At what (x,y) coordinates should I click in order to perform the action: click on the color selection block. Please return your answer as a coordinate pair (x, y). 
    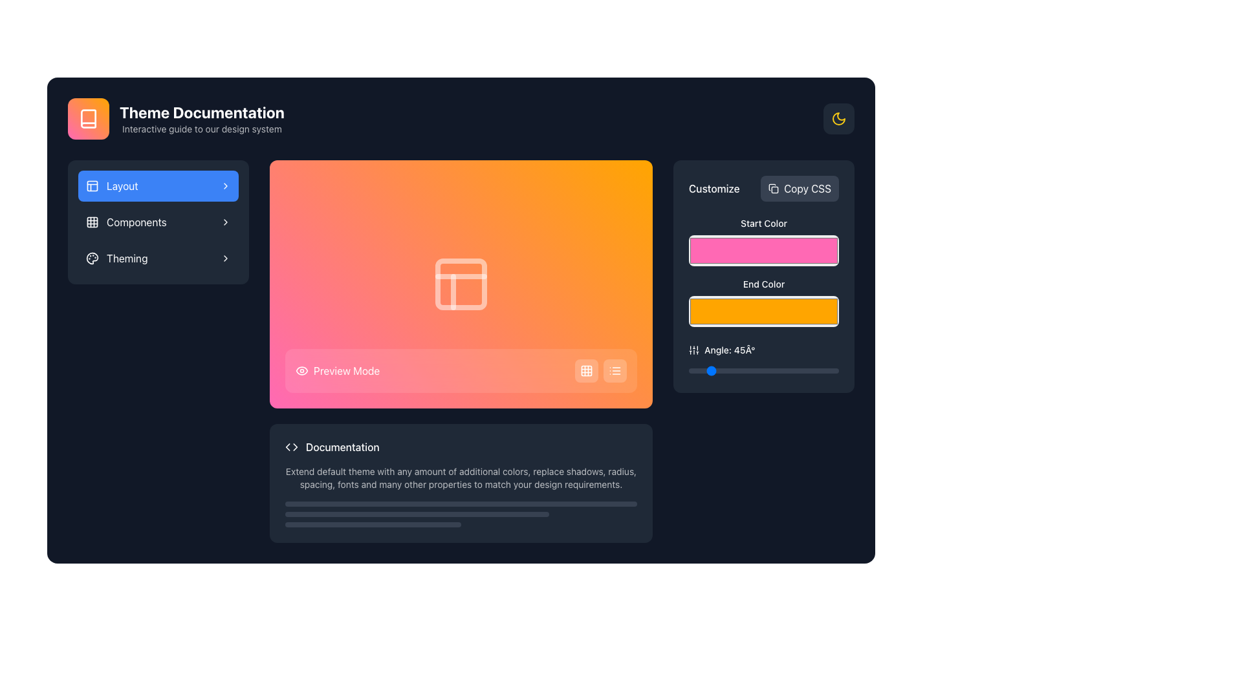
    Looking at the image, I should click on (763, 271).